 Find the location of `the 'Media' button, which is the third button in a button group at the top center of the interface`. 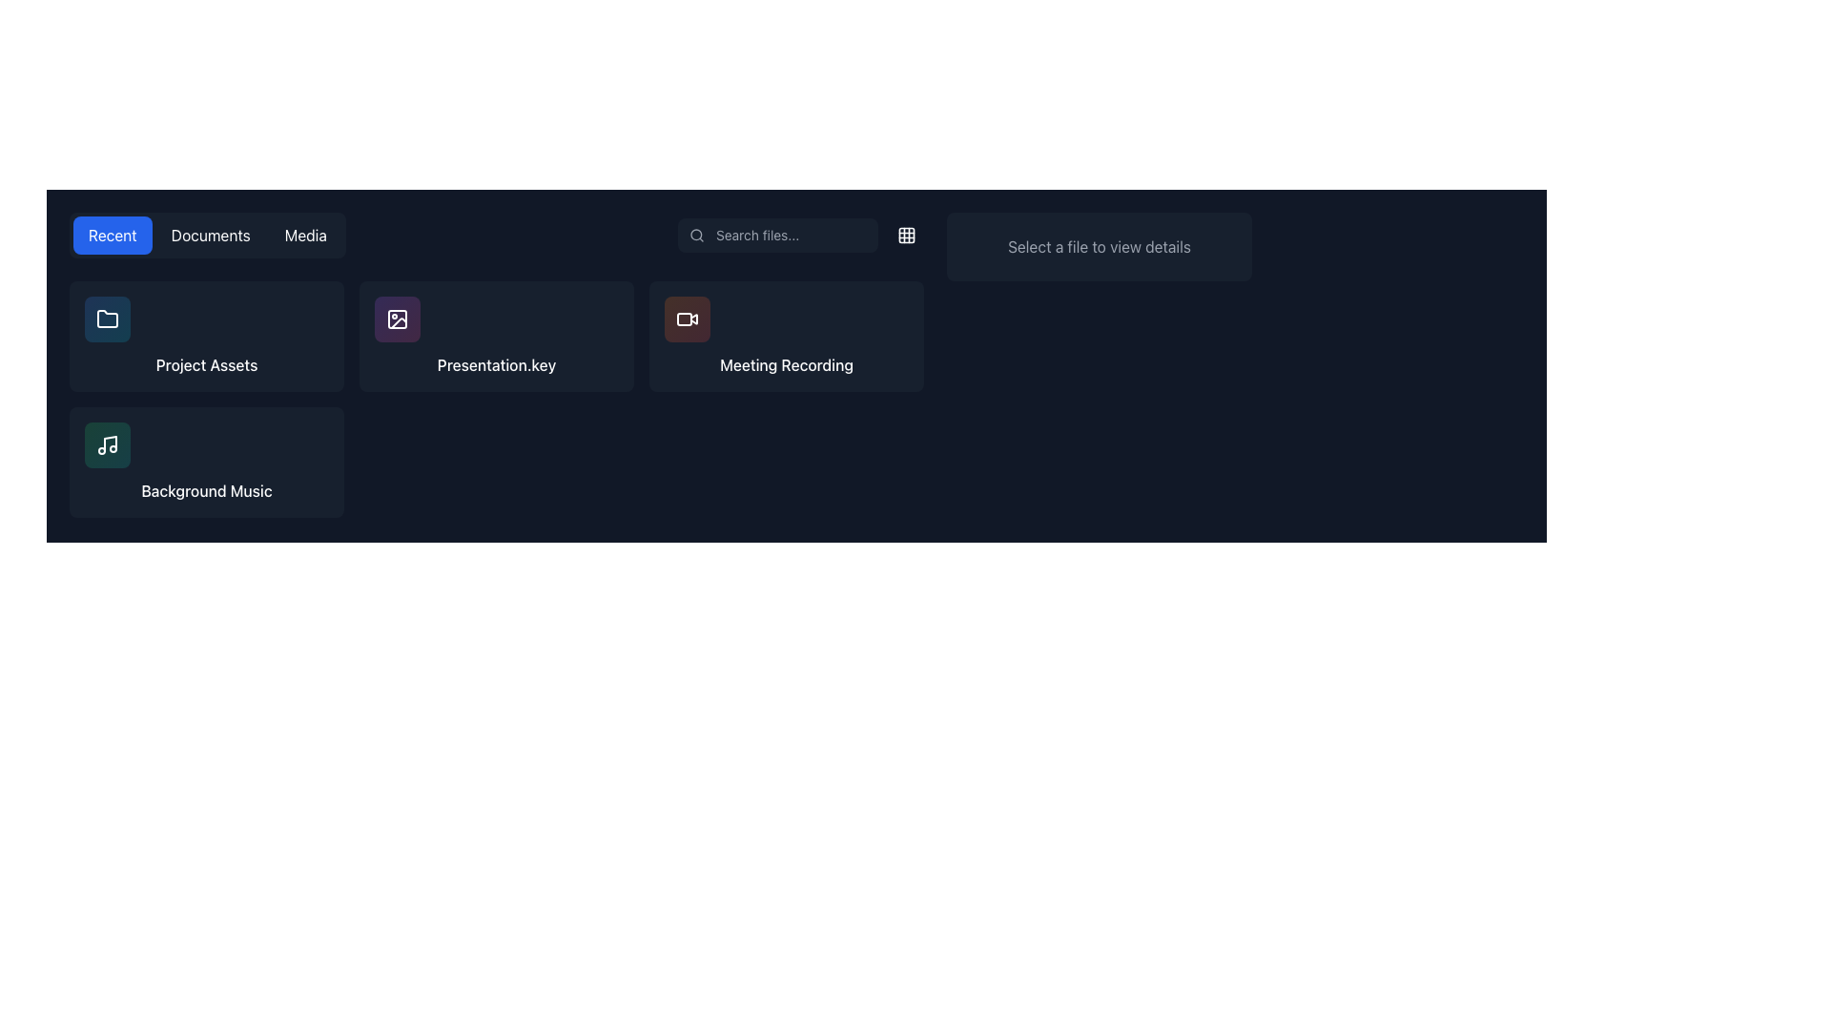

the 'Media' button, which is the third button in a button group at the top center of the interface is located at coordinates (305, 234).